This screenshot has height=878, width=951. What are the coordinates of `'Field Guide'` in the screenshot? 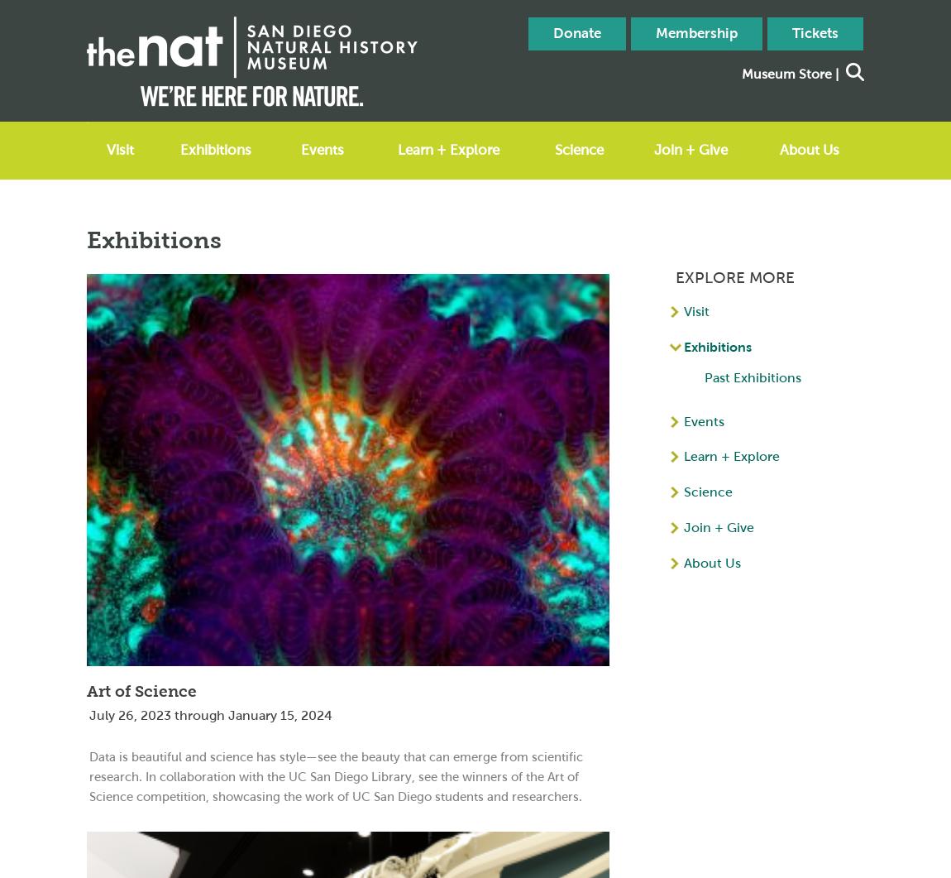 It's located at (576, 274).